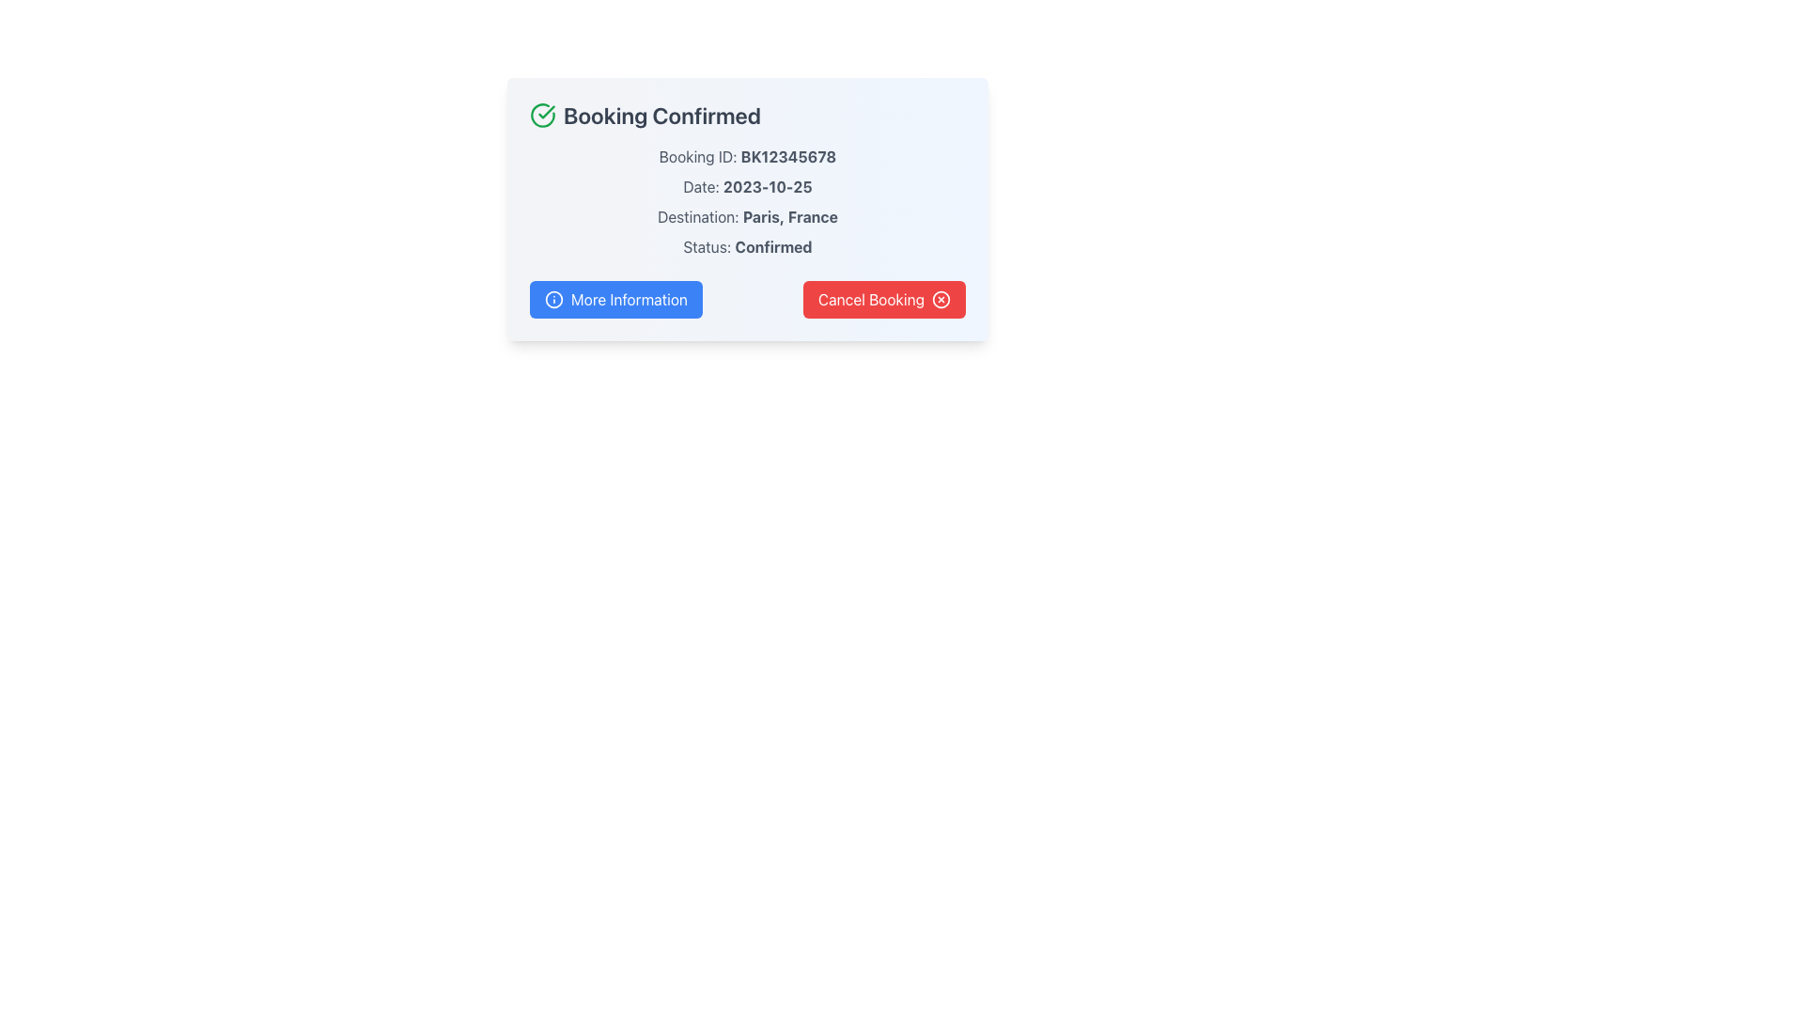 The width and height of the screenshot is (1804, 1015). What do you see at coordinates (790, 216) in the screenshot?
I see `the text label displaying 'Paris, France' which is styled in dark gray within a modal dialogue, positioned between 'Date: 2023-10-25' and 'Status: Confirmed'` at bounding box center [790, 216].